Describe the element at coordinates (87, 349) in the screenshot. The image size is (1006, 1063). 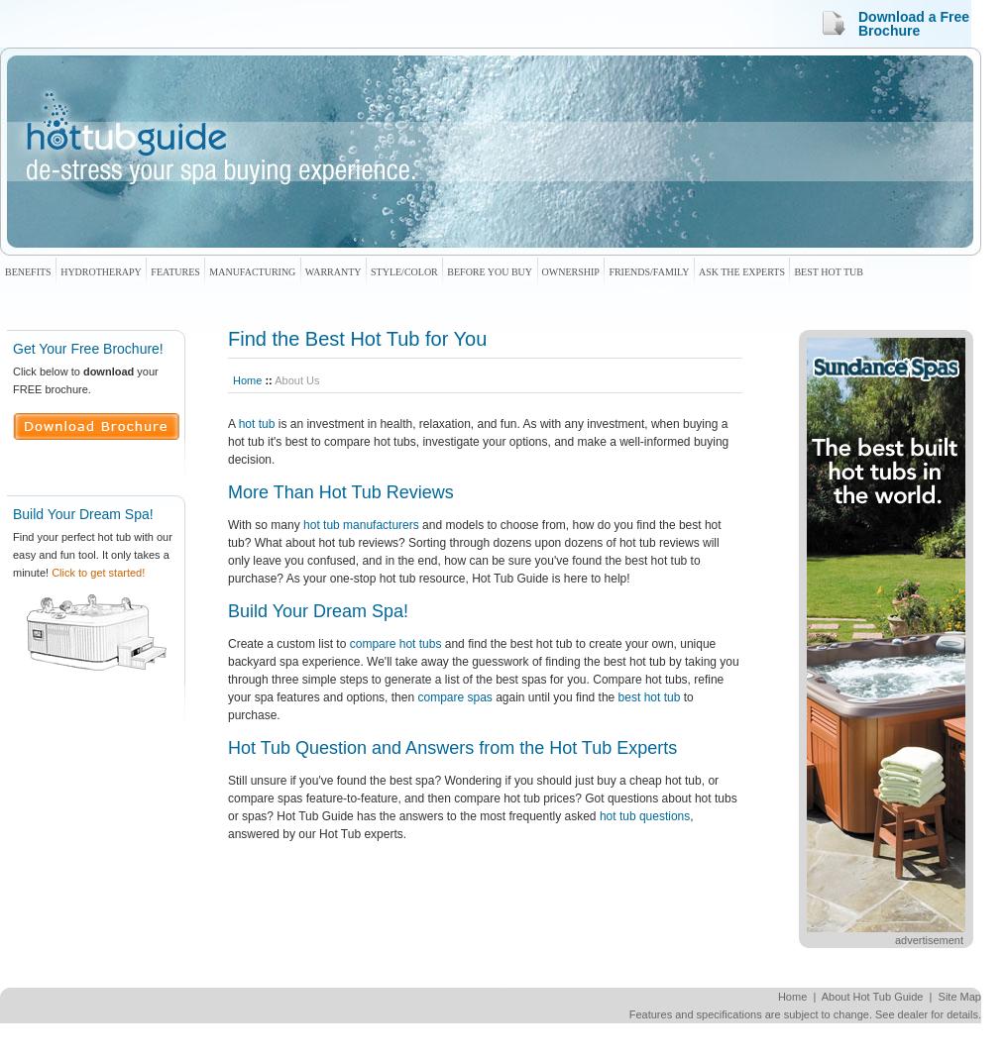
I see `'Get Your Free Brochure!'` at that location.